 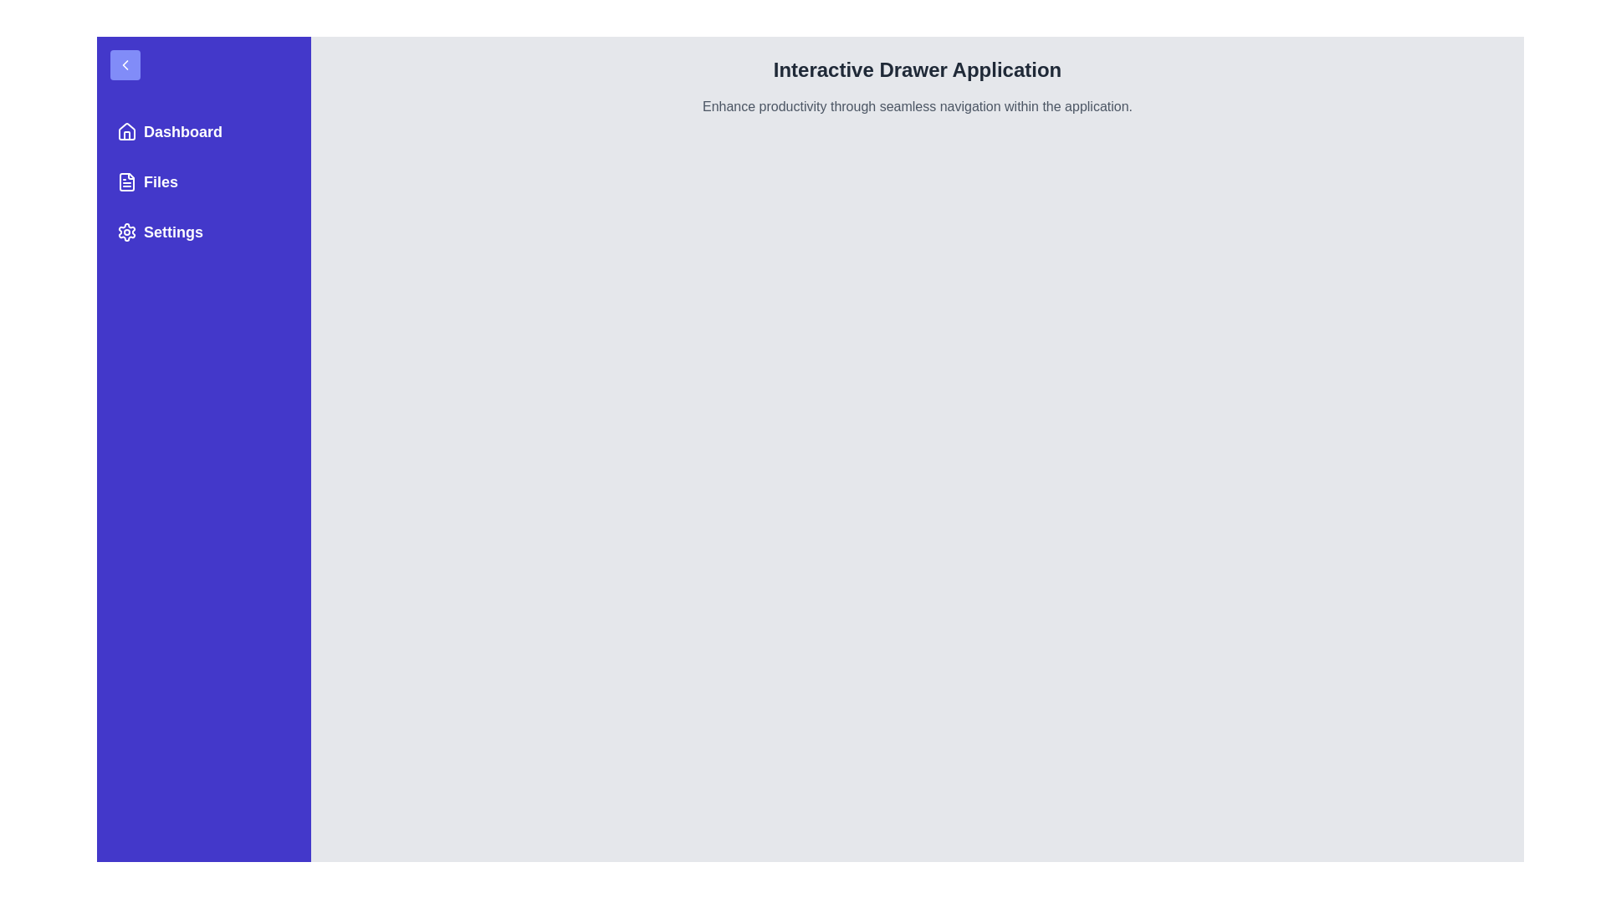 I want to click on the toggle button to change the drawer's state, so click(x=124, y=64).